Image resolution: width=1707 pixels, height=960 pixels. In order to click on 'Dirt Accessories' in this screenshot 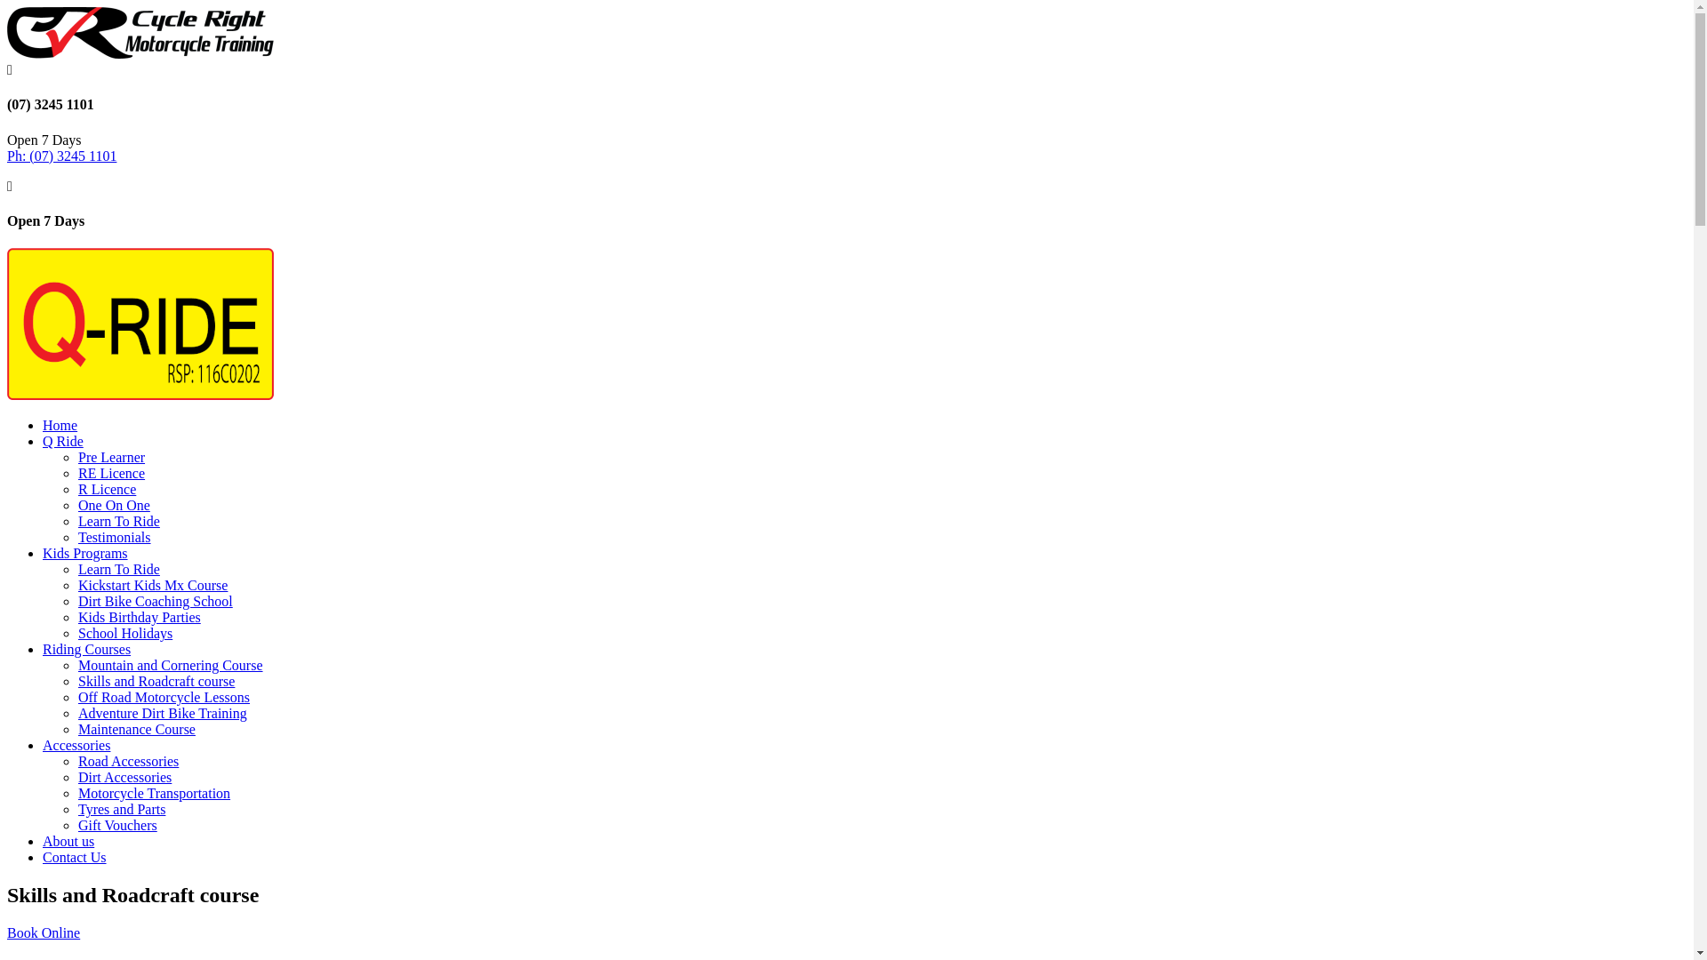, I will do `click(124, 776)`.